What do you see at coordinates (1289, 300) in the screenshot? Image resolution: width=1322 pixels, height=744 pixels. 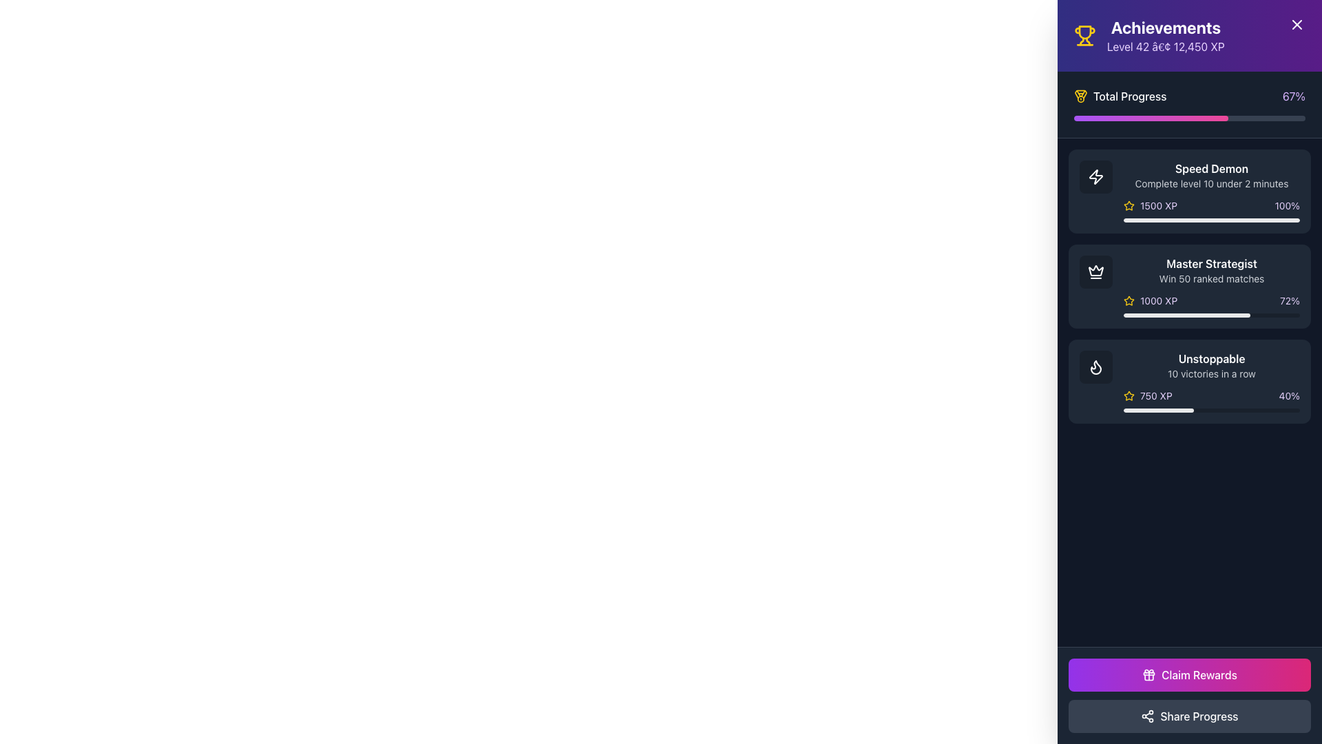 I see `the Label displaying '72%' in light purple font, which indicates progress for the 'Master Strategist' achievement` at bounding box center [1289, 300].